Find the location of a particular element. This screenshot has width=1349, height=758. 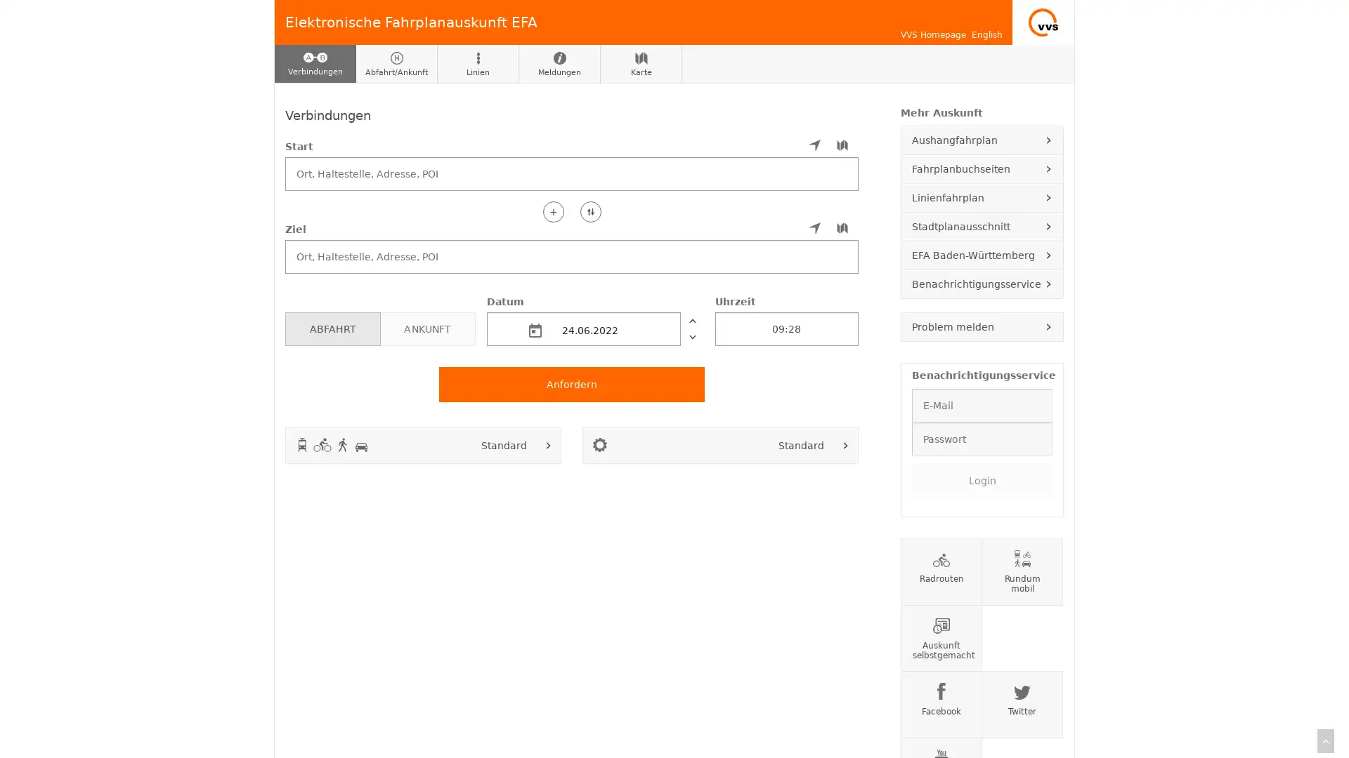

nachher is located at coordinates (691, 336).